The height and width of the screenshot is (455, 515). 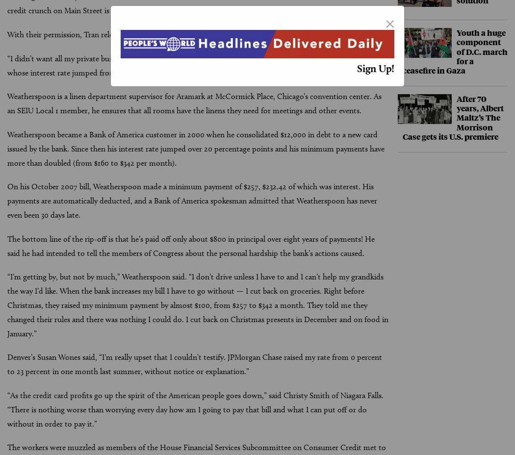 I want to click on 'On his October 2007 bill, Weatherspoon made a minimum payment of $257, $232.42 of which was interest. His payments are automatically deducted, and a Bank of America spokesman admitted that Weatherspoon has never even been 30 days late.', so click(x=192, y=200).